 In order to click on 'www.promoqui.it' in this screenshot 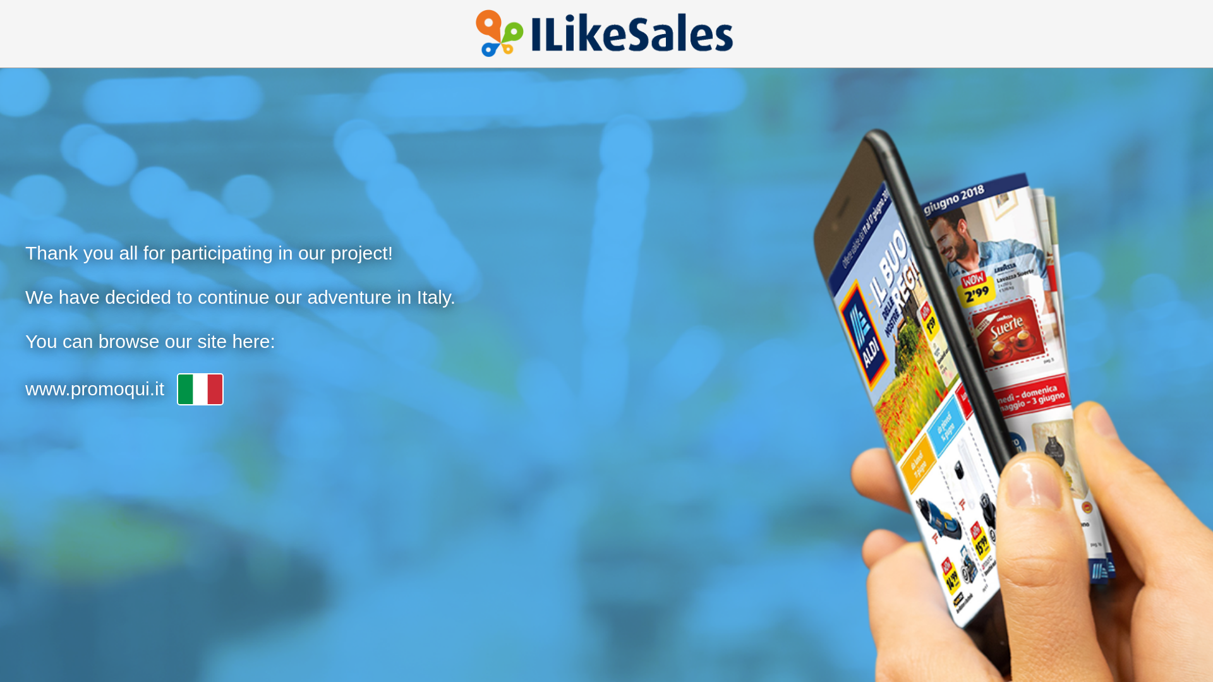, I will do `click(94, 388)`.